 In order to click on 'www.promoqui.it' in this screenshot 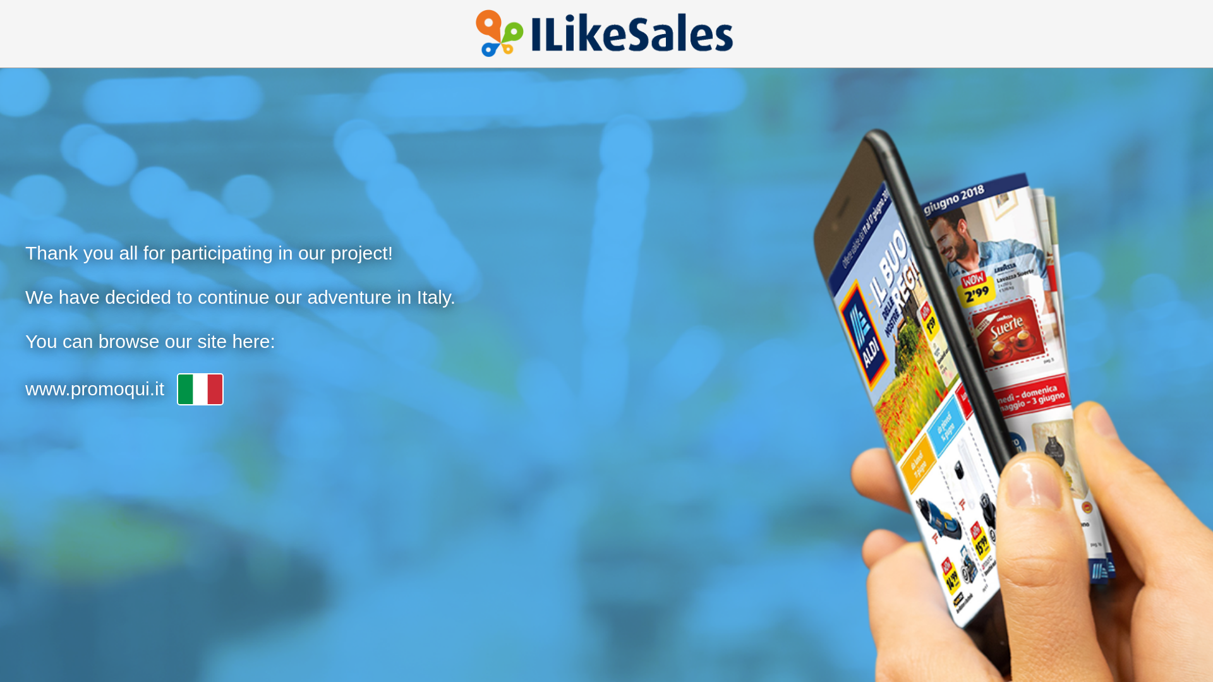, I will do `click(94, 388)`.